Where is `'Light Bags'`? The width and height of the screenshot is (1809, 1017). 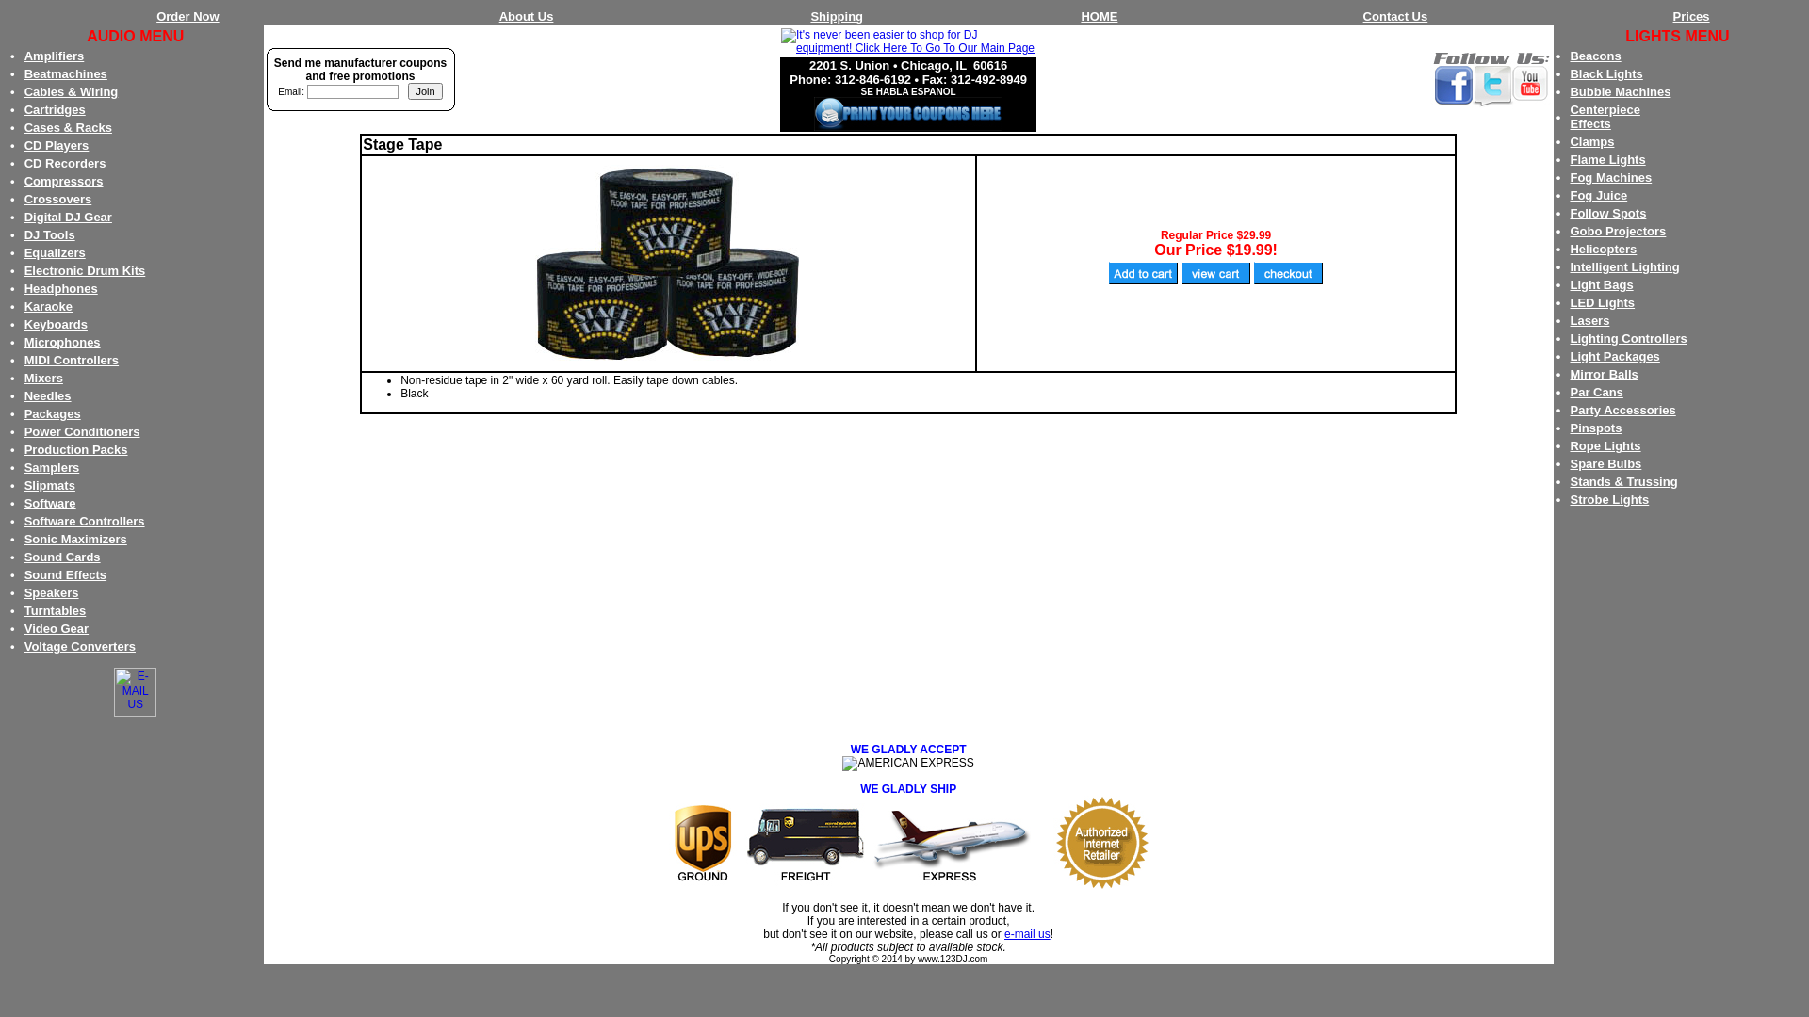
'Light Bags' is located at coordinates (1600, 284).